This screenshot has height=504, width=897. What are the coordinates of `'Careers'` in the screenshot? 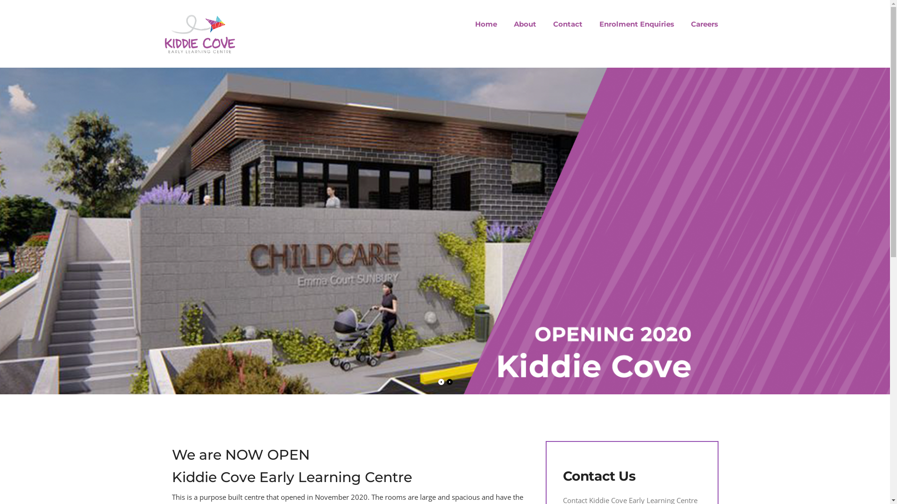 It's located at (682, 23).